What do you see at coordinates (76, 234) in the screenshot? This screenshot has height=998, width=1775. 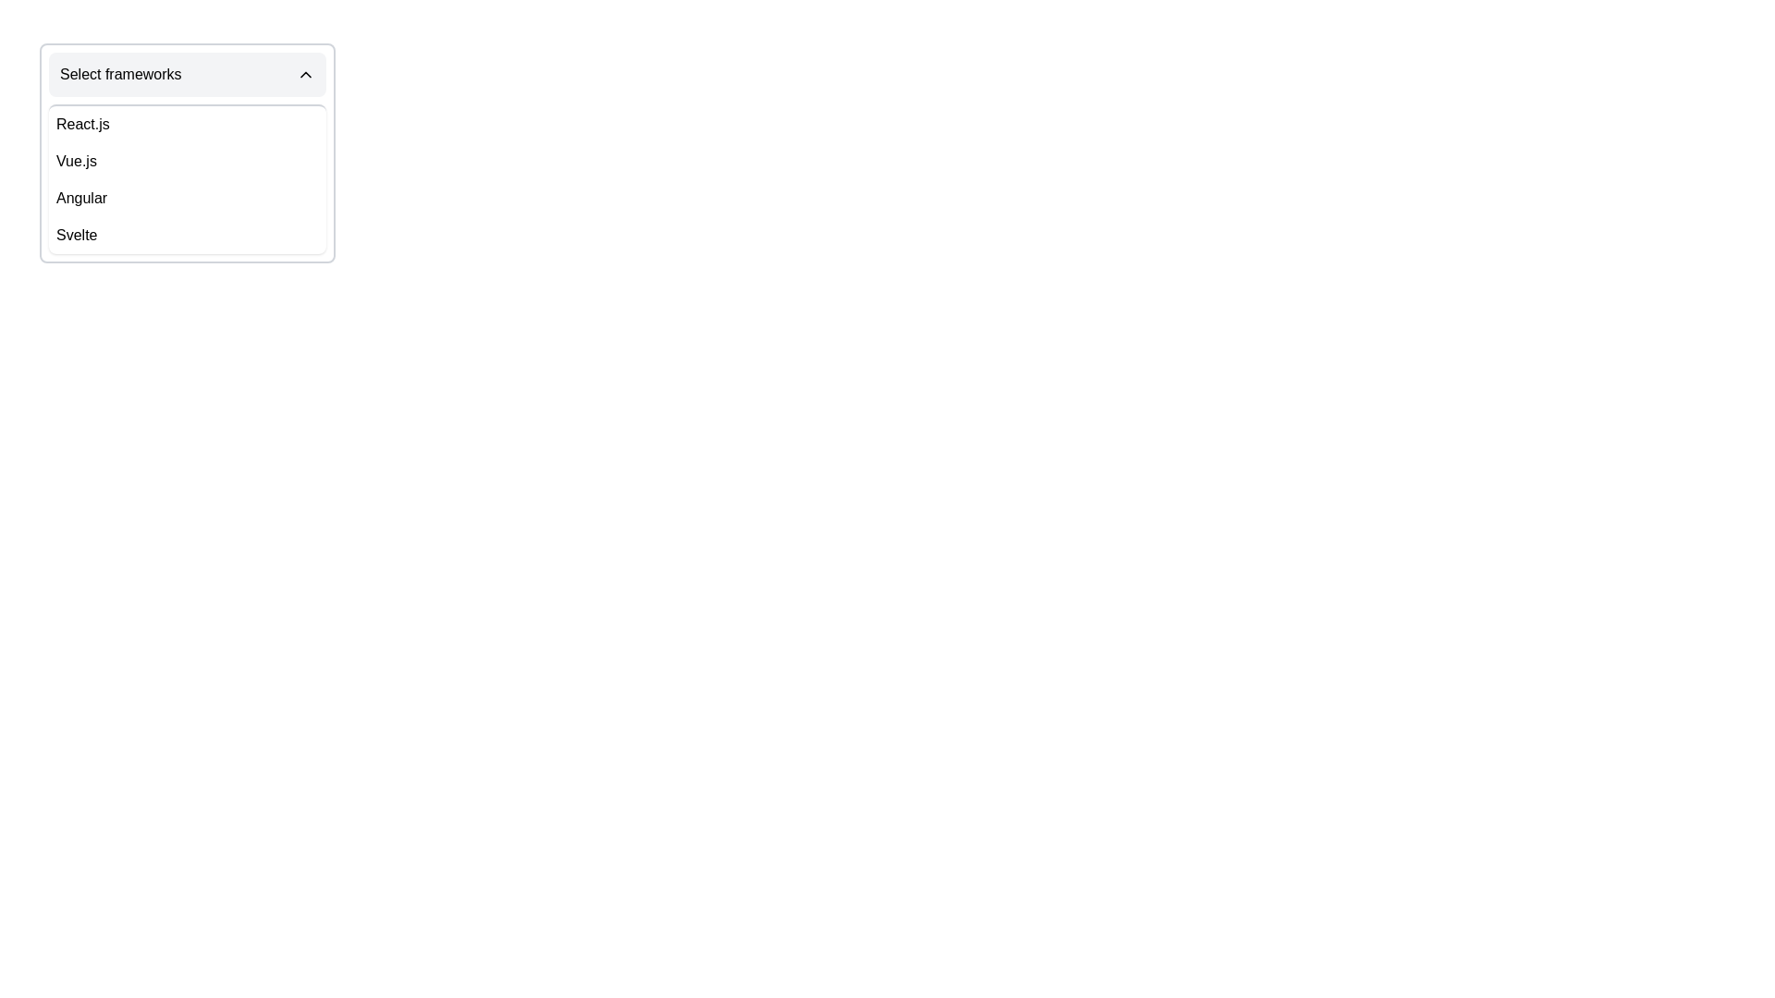 I see `the 'Svelte' option in the dropdown menu` at bounding box center [76, 234].